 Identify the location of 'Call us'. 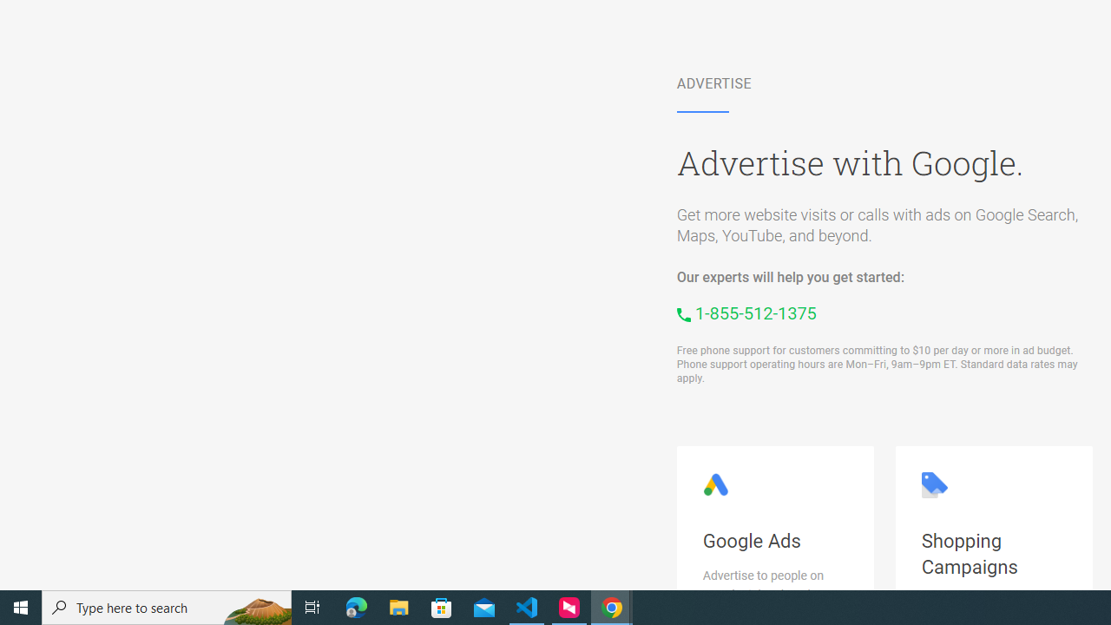
(746, 313).